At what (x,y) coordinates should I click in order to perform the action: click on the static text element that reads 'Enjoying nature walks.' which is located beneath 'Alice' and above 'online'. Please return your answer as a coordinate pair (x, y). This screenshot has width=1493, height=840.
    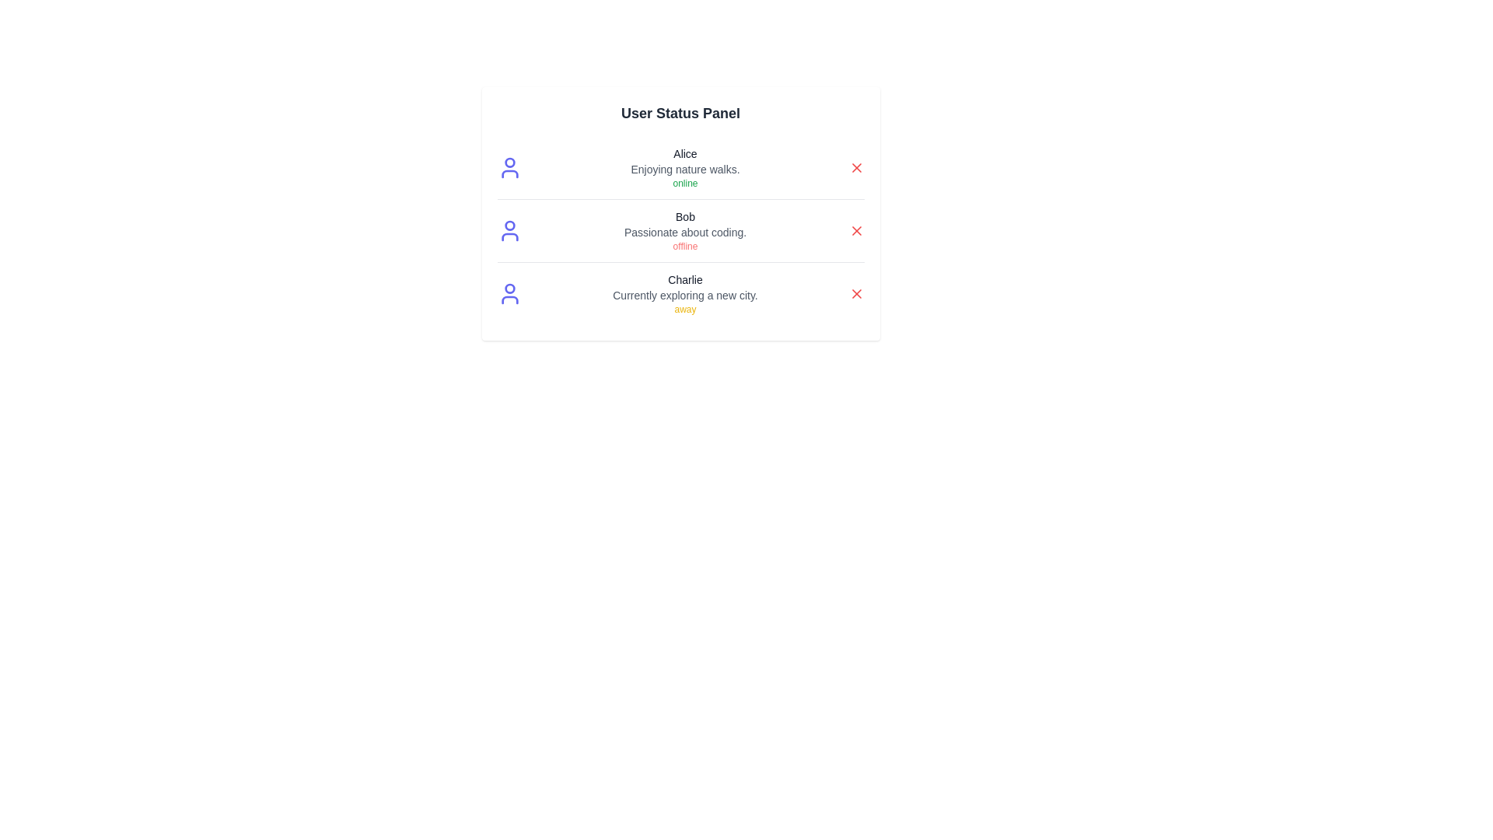
    Looking at the image, I should click on (684, 170).